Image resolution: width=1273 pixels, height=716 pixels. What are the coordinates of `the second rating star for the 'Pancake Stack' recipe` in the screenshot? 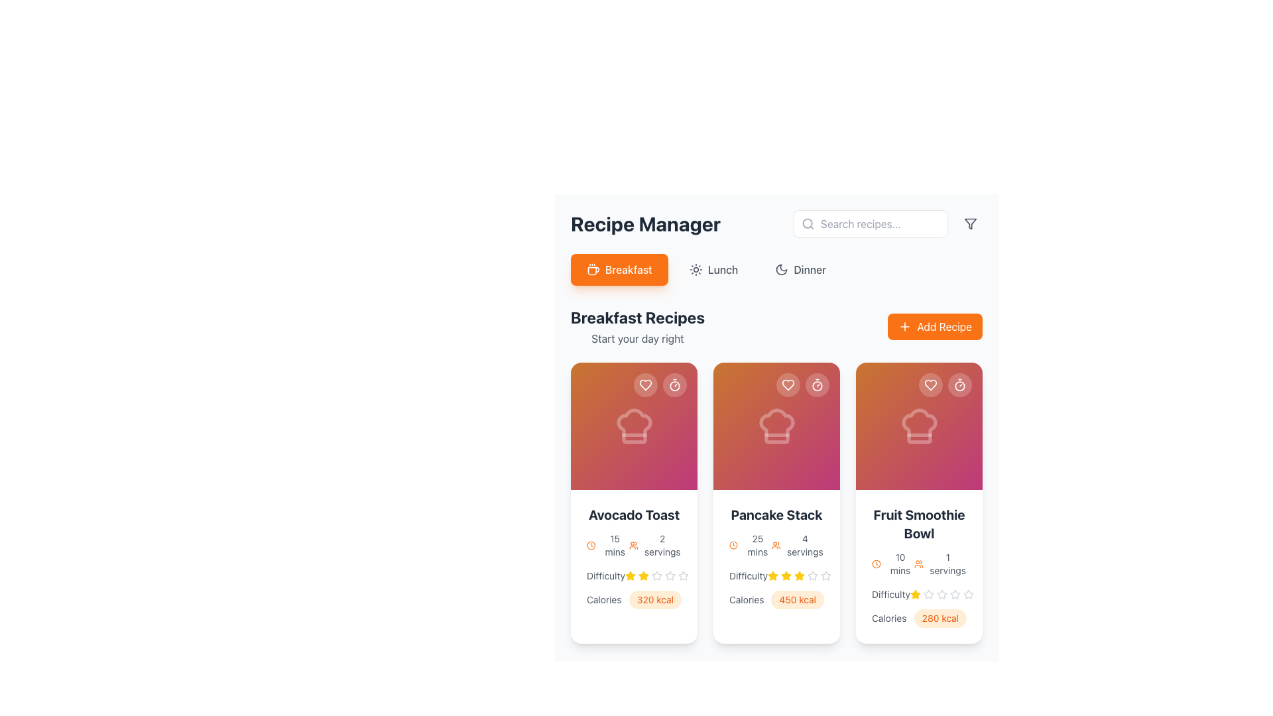 It's located at (773, 575).